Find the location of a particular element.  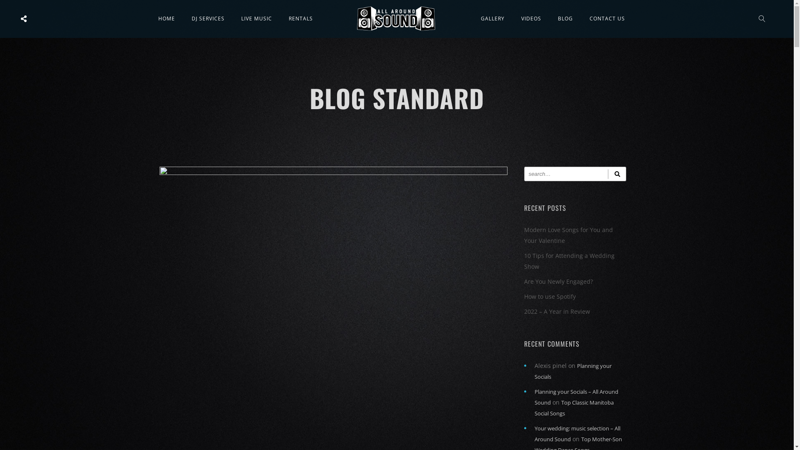

'GALLERY' is located at coordinates (492, 18).